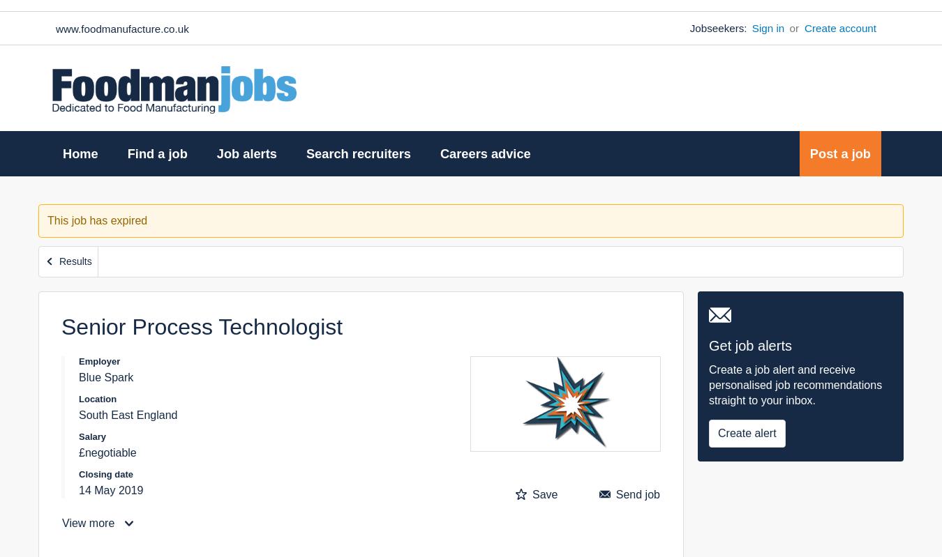 Image resolution: width=942 pixels, height=557 pixels. Describe the element at coordinates (719, 27) in the screenshot. I see `'Jobseekers:'` at that location.